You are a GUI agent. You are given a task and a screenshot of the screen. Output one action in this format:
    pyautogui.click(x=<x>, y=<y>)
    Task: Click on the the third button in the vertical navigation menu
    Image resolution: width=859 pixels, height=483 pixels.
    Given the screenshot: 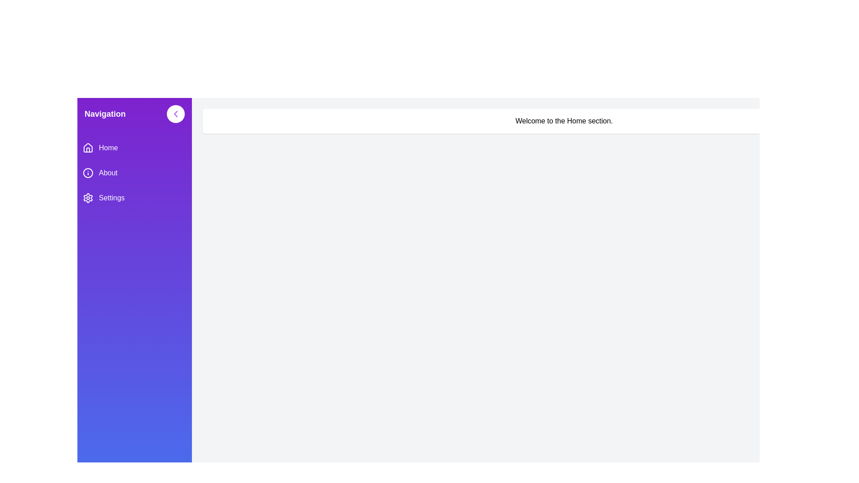 What is the action you would take?
    pyautogui.click(x=134, y=198)
    